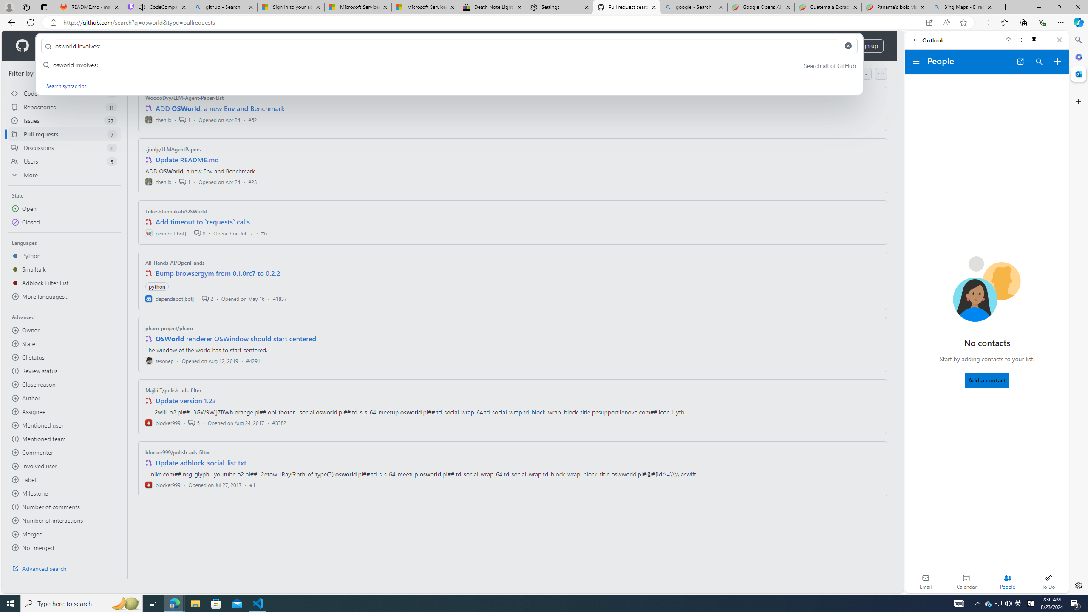 The width and height of the screenshot is (1088, 612). Describe the element at coordinates (175, 262) in the screenshot. I see `'All-Hands-AI/OpenHands'` at that location.